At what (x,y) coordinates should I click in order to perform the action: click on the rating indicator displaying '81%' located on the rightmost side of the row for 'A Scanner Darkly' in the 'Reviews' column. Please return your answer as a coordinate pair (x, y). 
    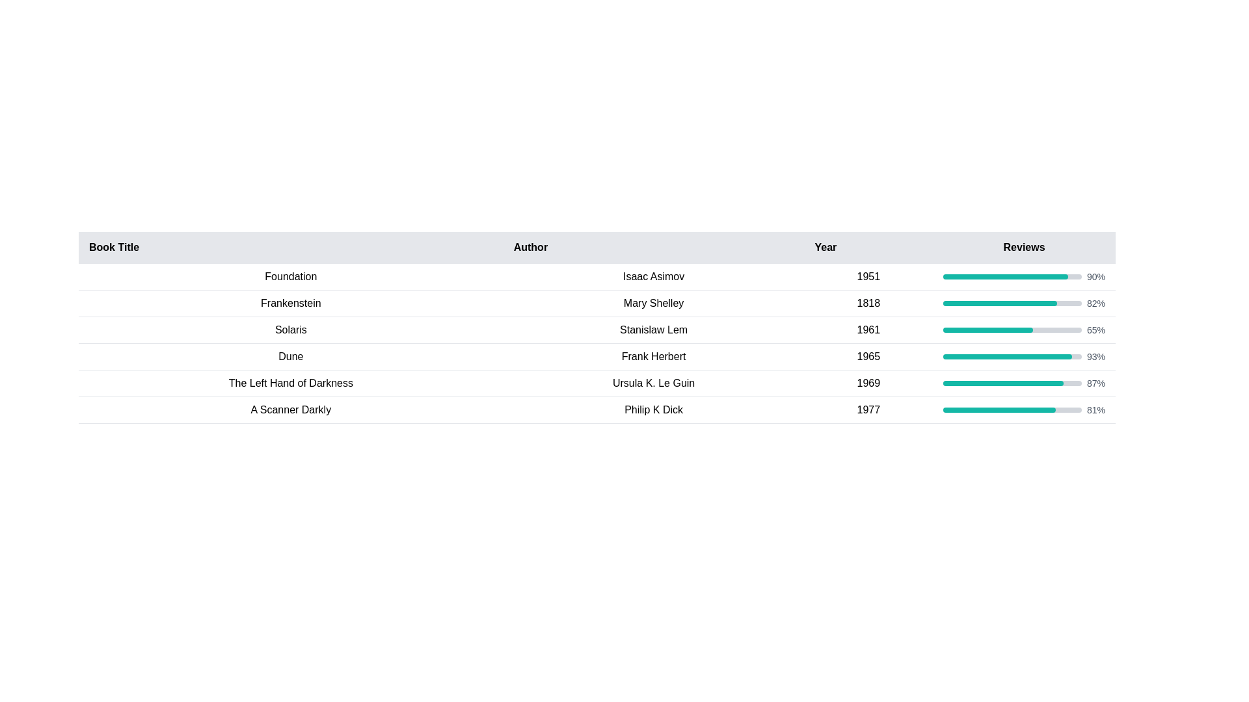
    Looking at the image, I should click on (1023, 410).